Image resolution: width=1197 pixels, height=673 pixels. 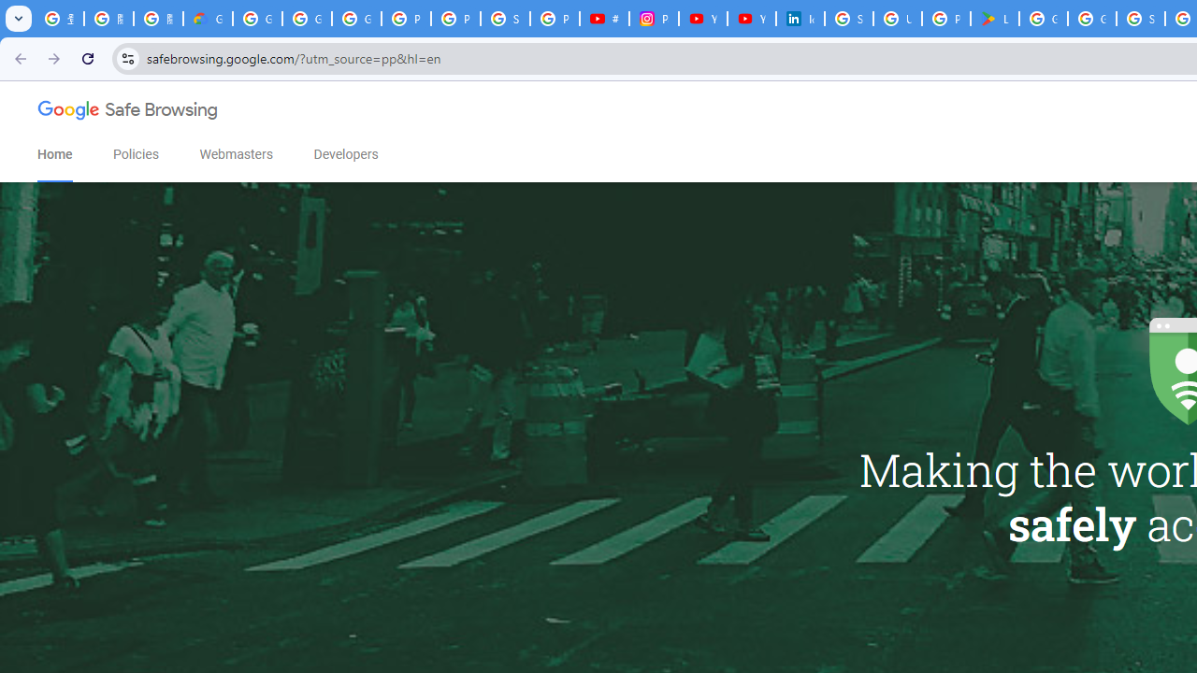 I want to click on 'Privacy Help Center - Policies Help', so click(x=455, y=19).